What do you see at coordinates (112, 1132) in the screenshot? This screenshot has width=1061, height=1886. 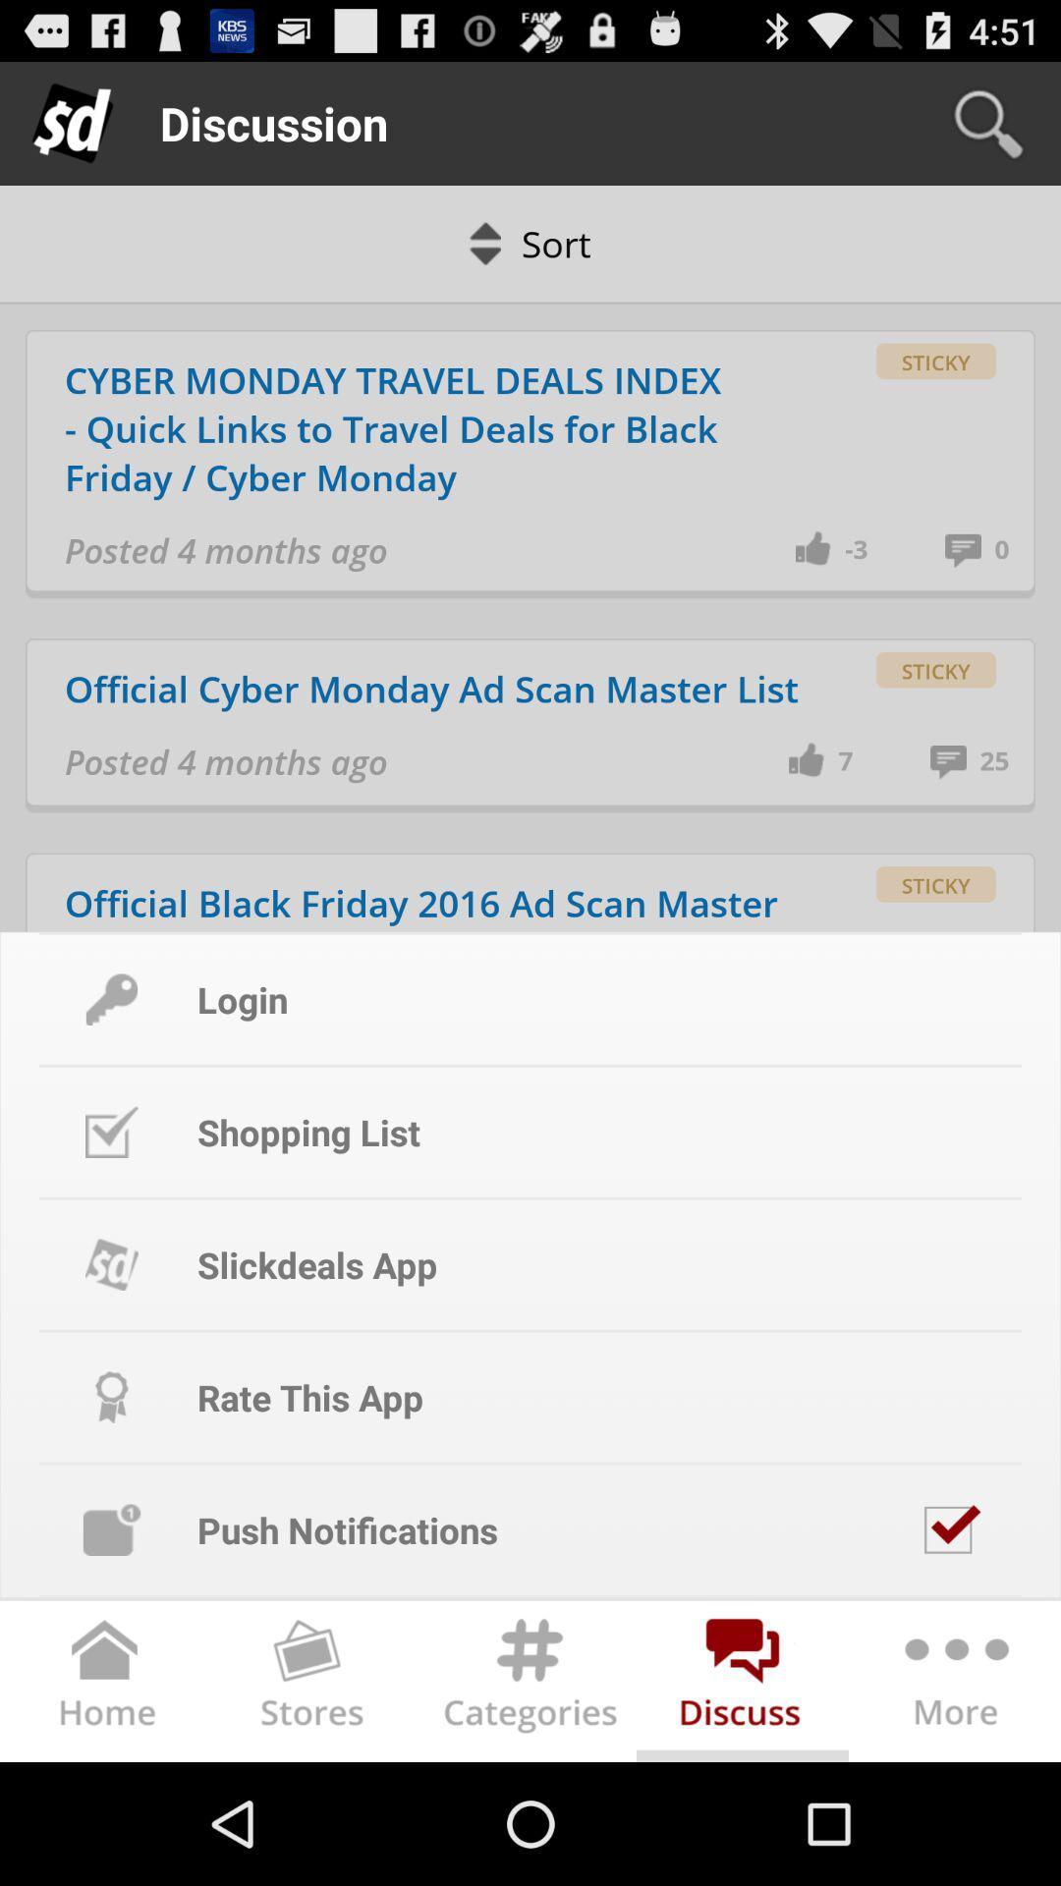 I see `the shopping list icon` at bounding box center [112, 1132].